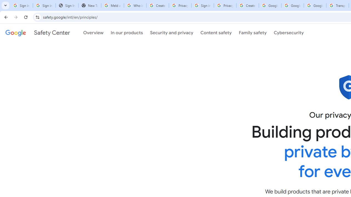 This screenshot has height=197, width=351. What do you see at coordinates (202, 5) in the screenshot?
I see `'Sign in - Google Accounts'` at bounding box center [202, 5].